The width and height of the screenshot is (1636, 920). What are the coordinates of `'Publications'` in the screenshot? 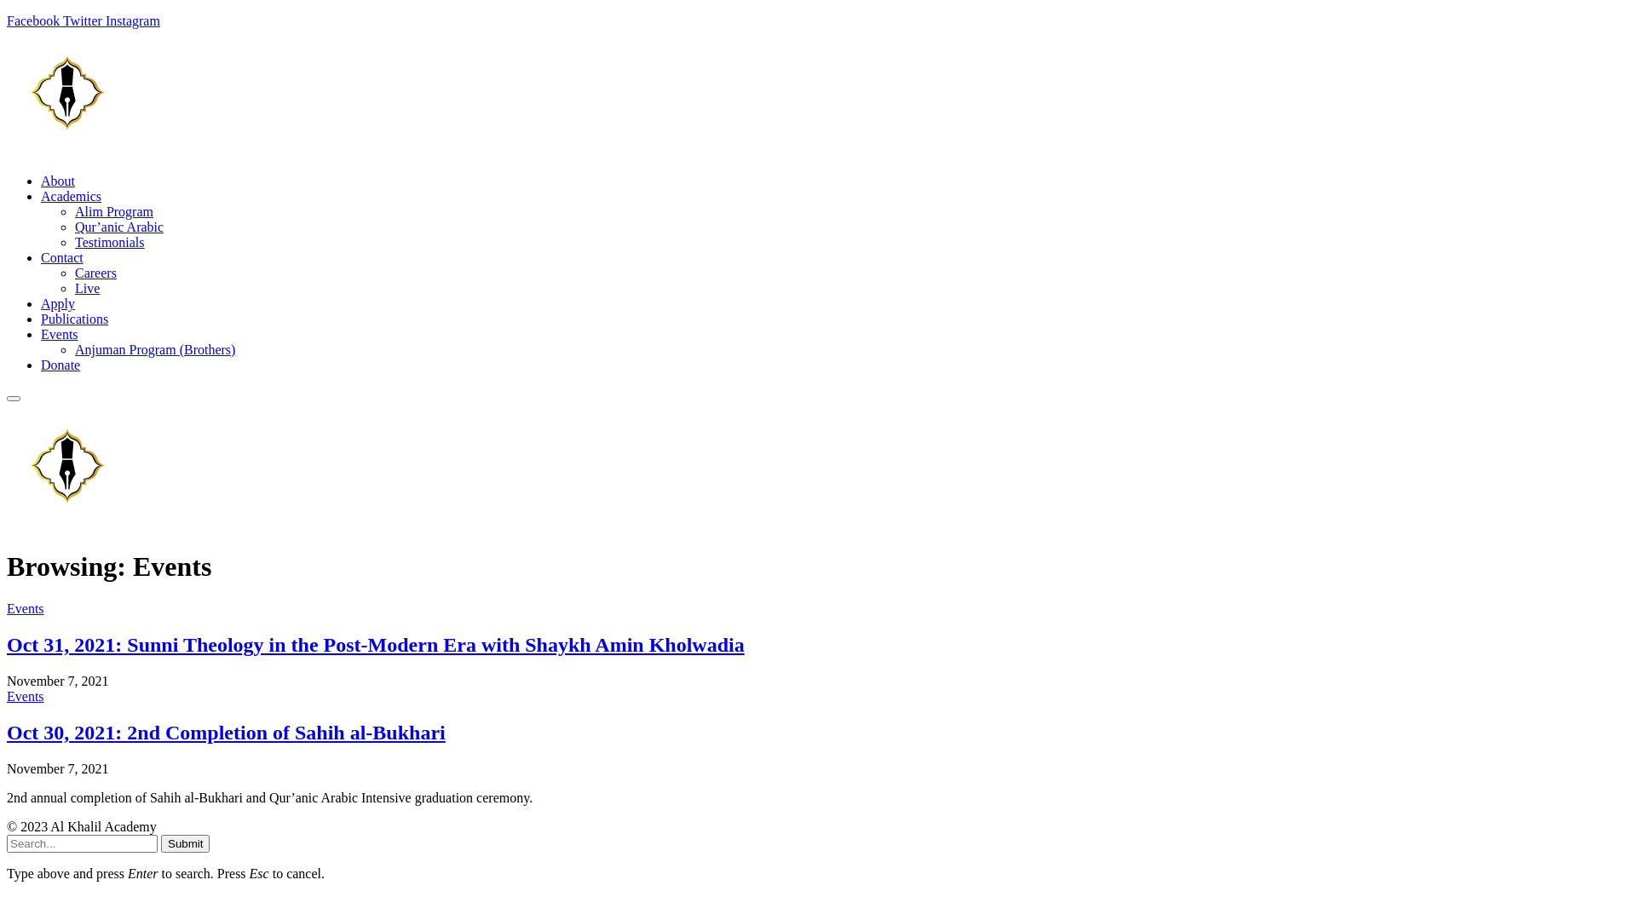 It's located at (41, 319).